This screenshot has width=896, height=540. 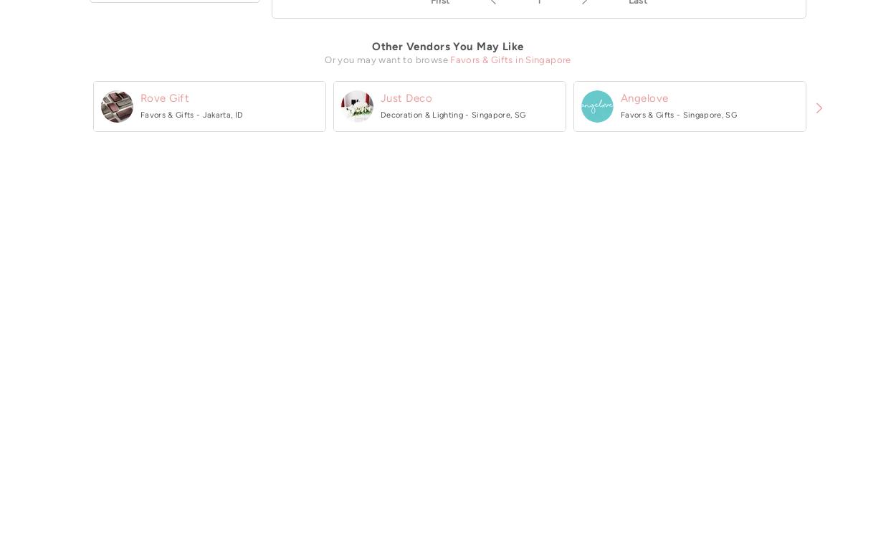 I want to click on 'Angelove', so click(x=620, y=97).